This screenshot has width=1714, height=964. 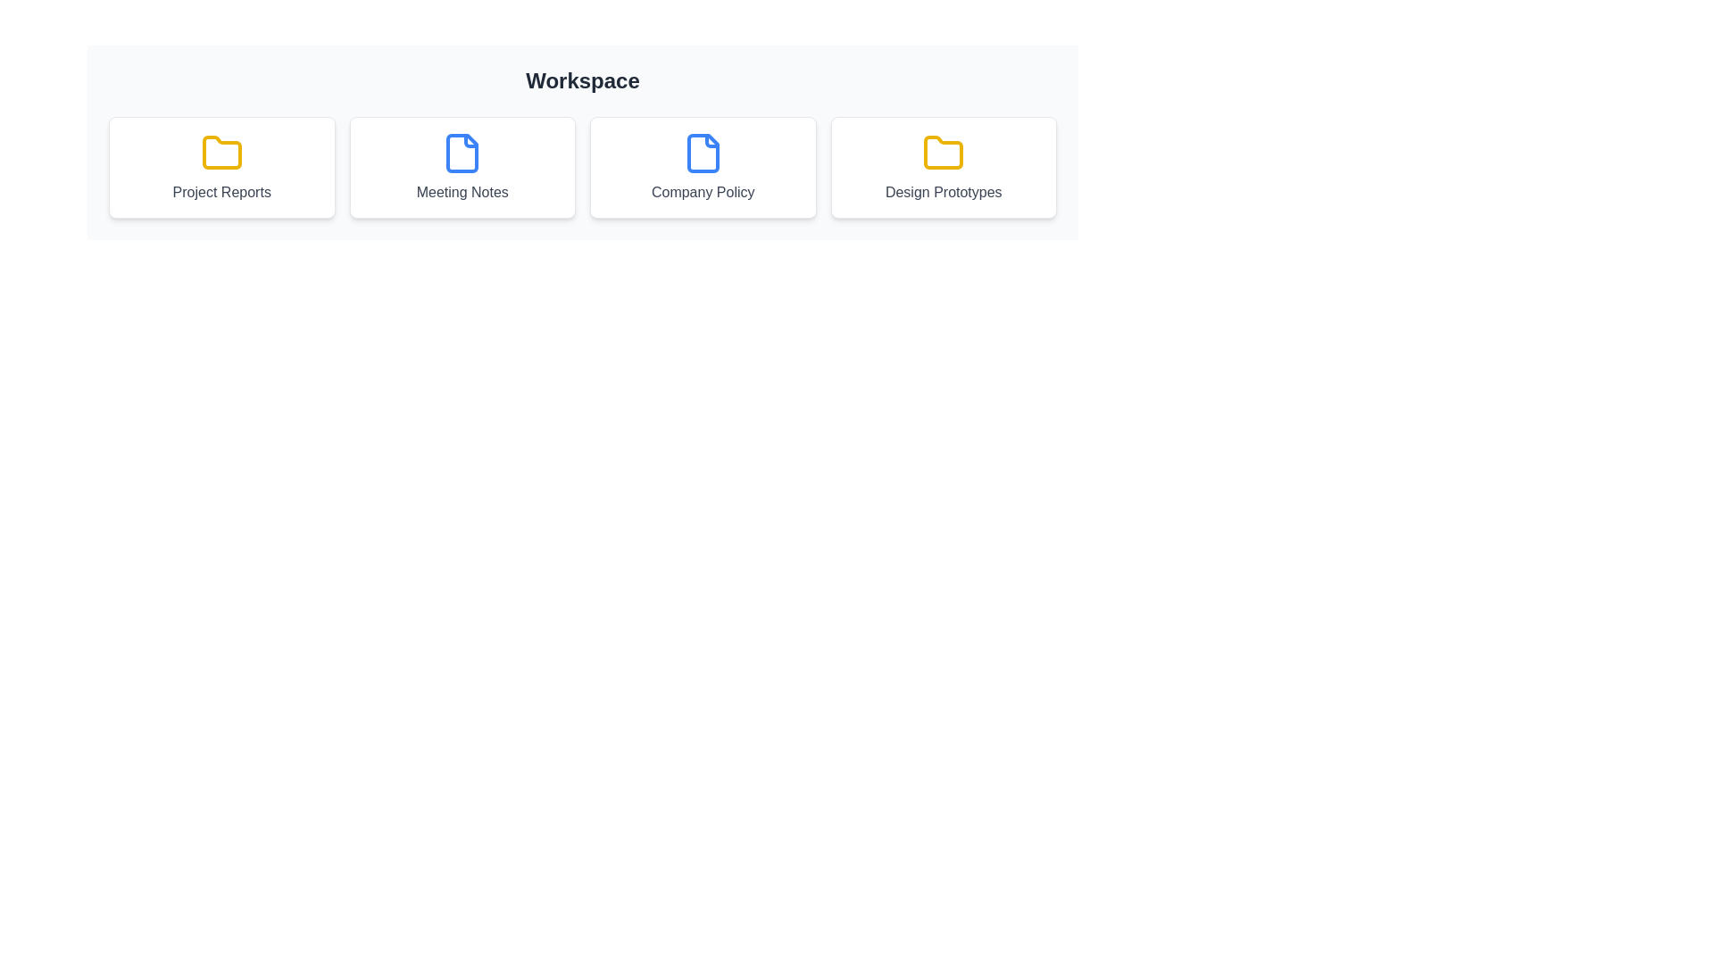 What do you see at coordinates (462, 168) in the screenshot?
I see `the second interactive card from the left in the grid layout that provides access to 'Meeting Notes' to trigger visual effects like shadow changes` at bounding box center [462, 168].